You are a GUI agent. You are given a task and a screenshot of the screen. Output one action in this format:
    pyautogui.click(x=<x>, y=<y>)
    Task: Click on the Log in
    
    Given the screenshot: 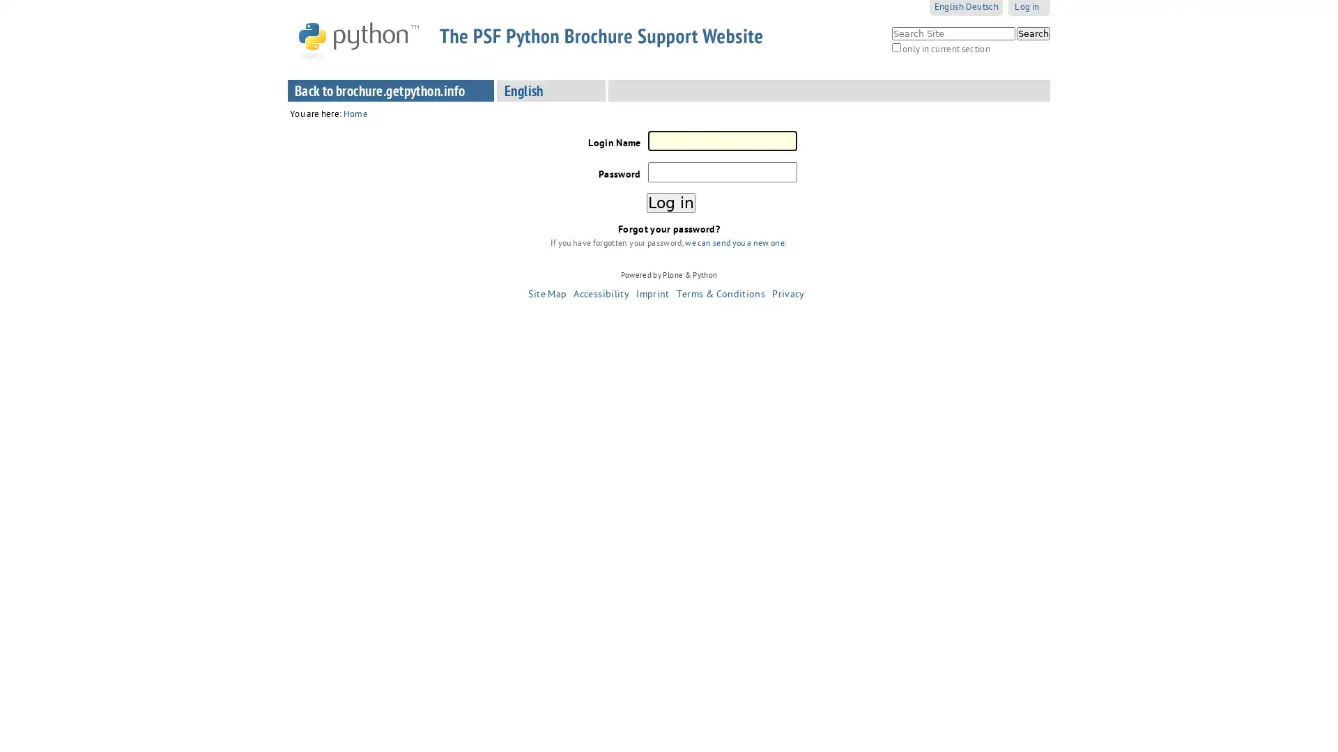 What is the action you would take?
    pyautogui.click(x=670, y=203)
    